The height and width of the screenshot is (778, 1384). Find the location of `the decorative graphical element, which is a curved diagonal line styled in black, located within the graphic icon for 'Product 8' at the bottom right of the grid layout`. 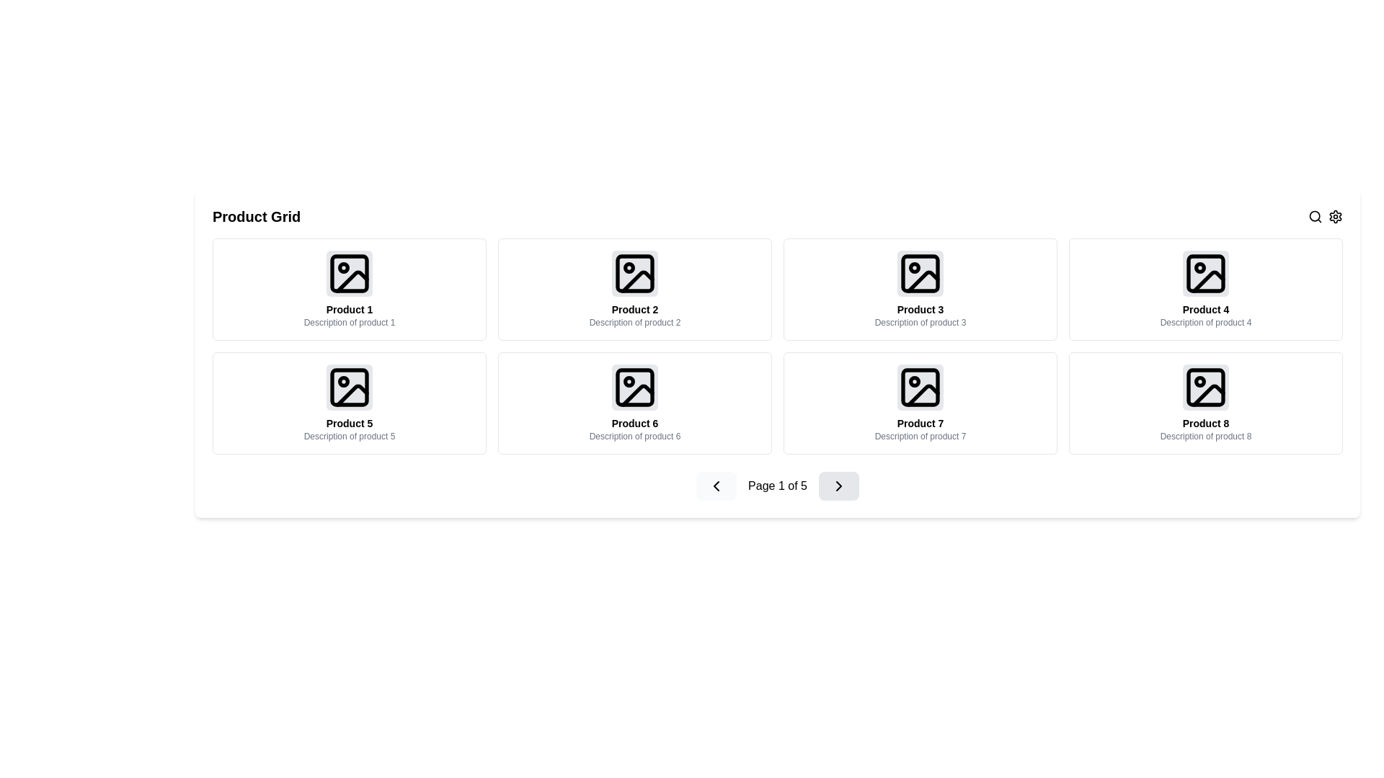

the decorative graphical element, which is a curved diagonal line styled in black, located within the graphic icon for 'Product 8' at the bottom right of the grid layout is located at coordinates (1208, 395).